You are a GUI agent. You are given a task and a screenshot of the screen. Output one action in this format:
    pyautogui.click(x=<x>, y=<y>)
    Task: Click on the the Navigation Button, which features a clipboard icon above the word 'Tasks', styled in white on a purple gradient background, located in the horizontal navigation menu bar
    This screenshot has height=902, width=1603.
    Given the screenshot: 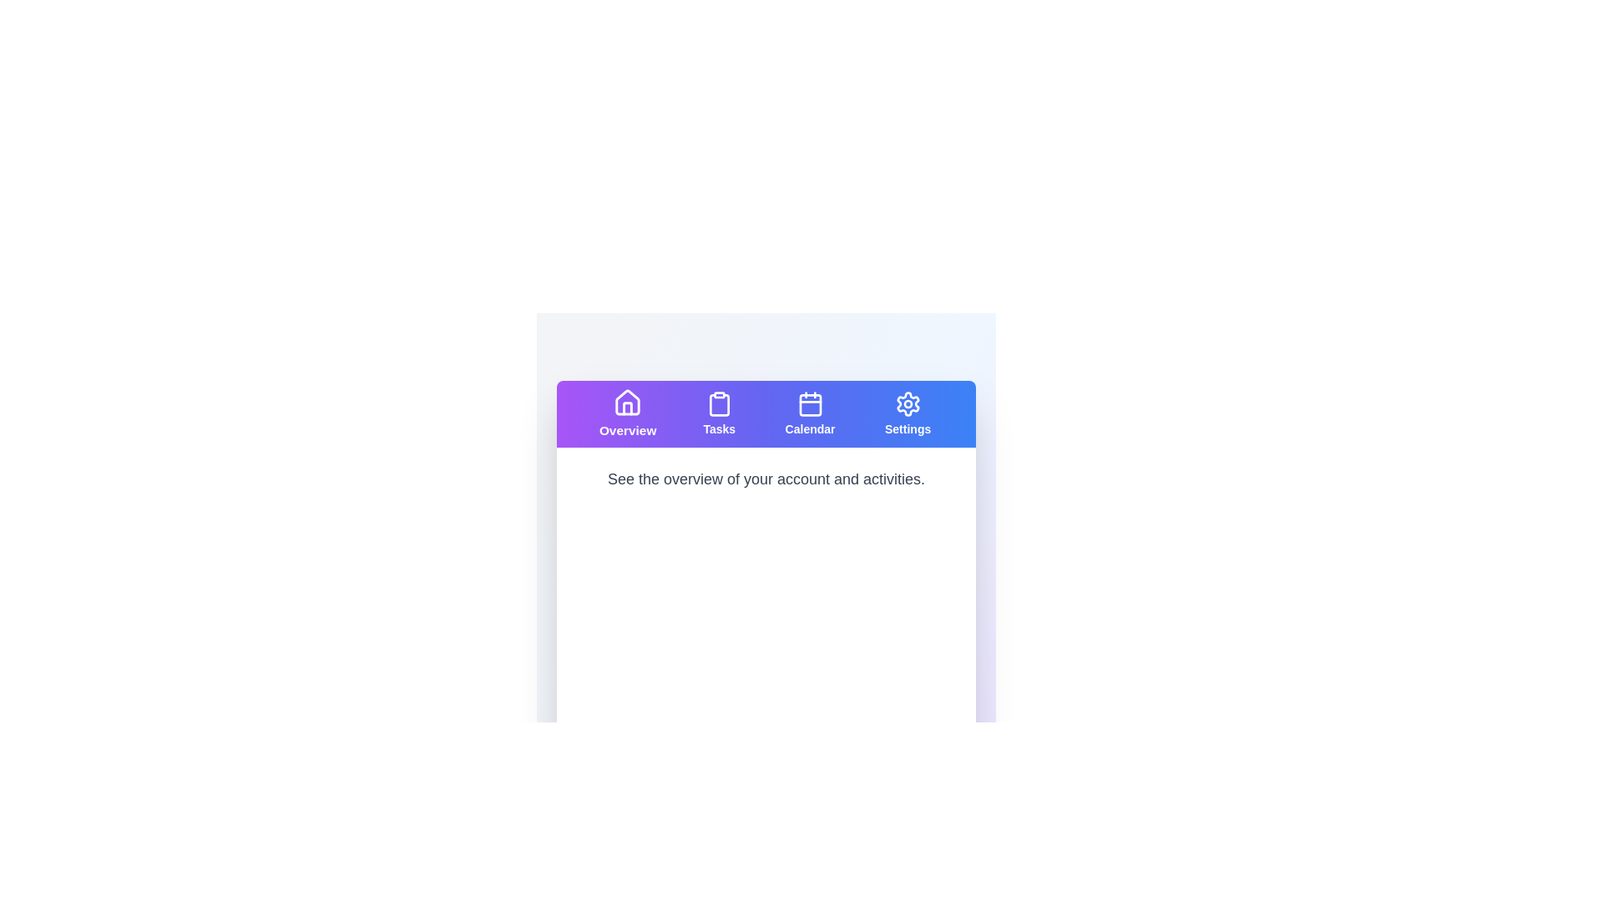 What is the action you would take?
    pyautogui.click(x=719, y=413)
    